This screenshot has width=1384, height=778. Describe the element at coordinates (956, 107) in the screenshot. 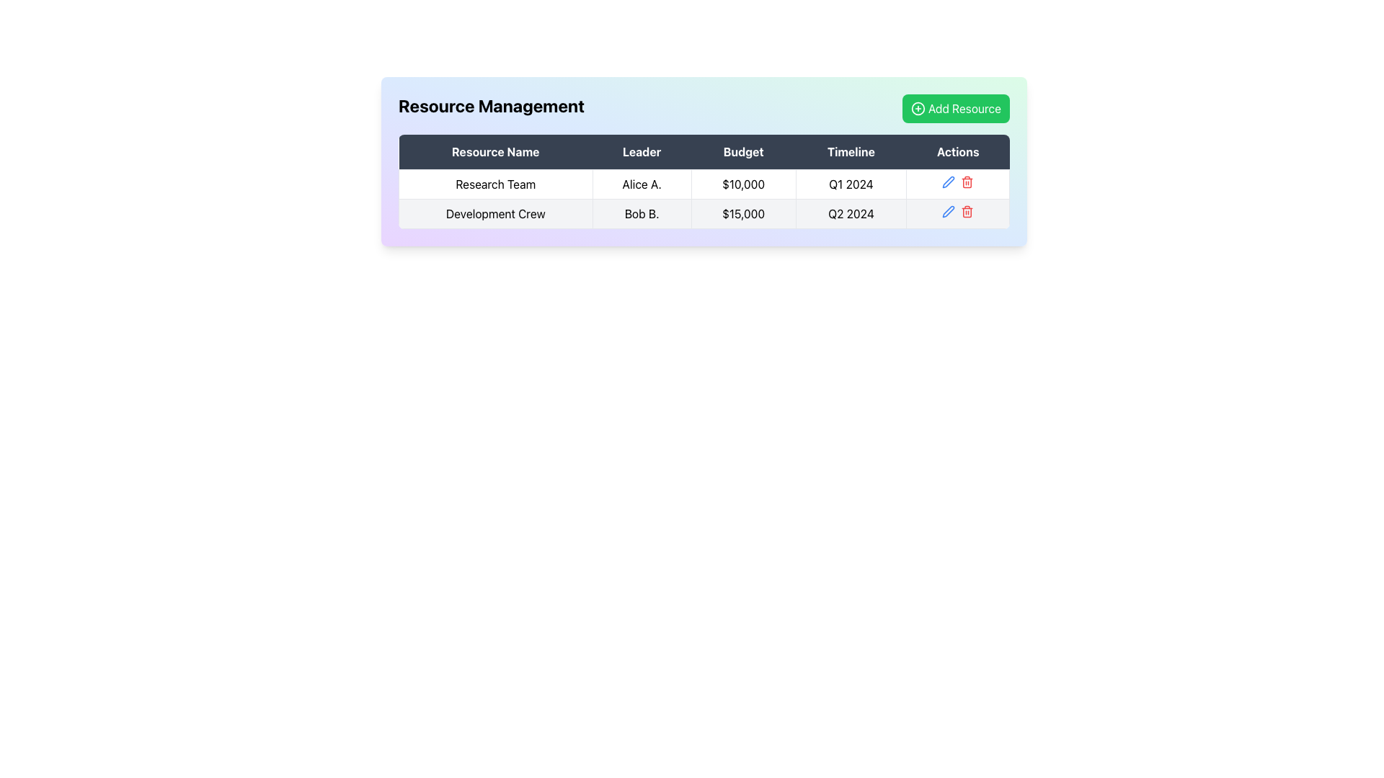

I see `the button located in the upper-right corner of the 'Resource Management' section` at that location.